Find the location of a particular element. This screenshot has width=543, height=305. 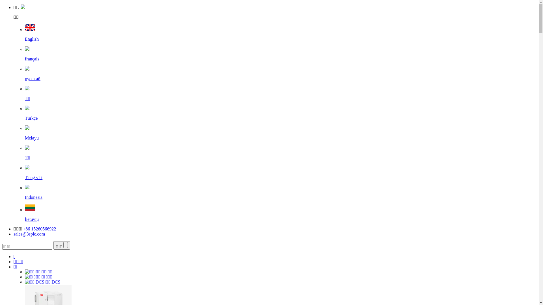

'sales@3splc.com' is located at coordinates (29, 234).